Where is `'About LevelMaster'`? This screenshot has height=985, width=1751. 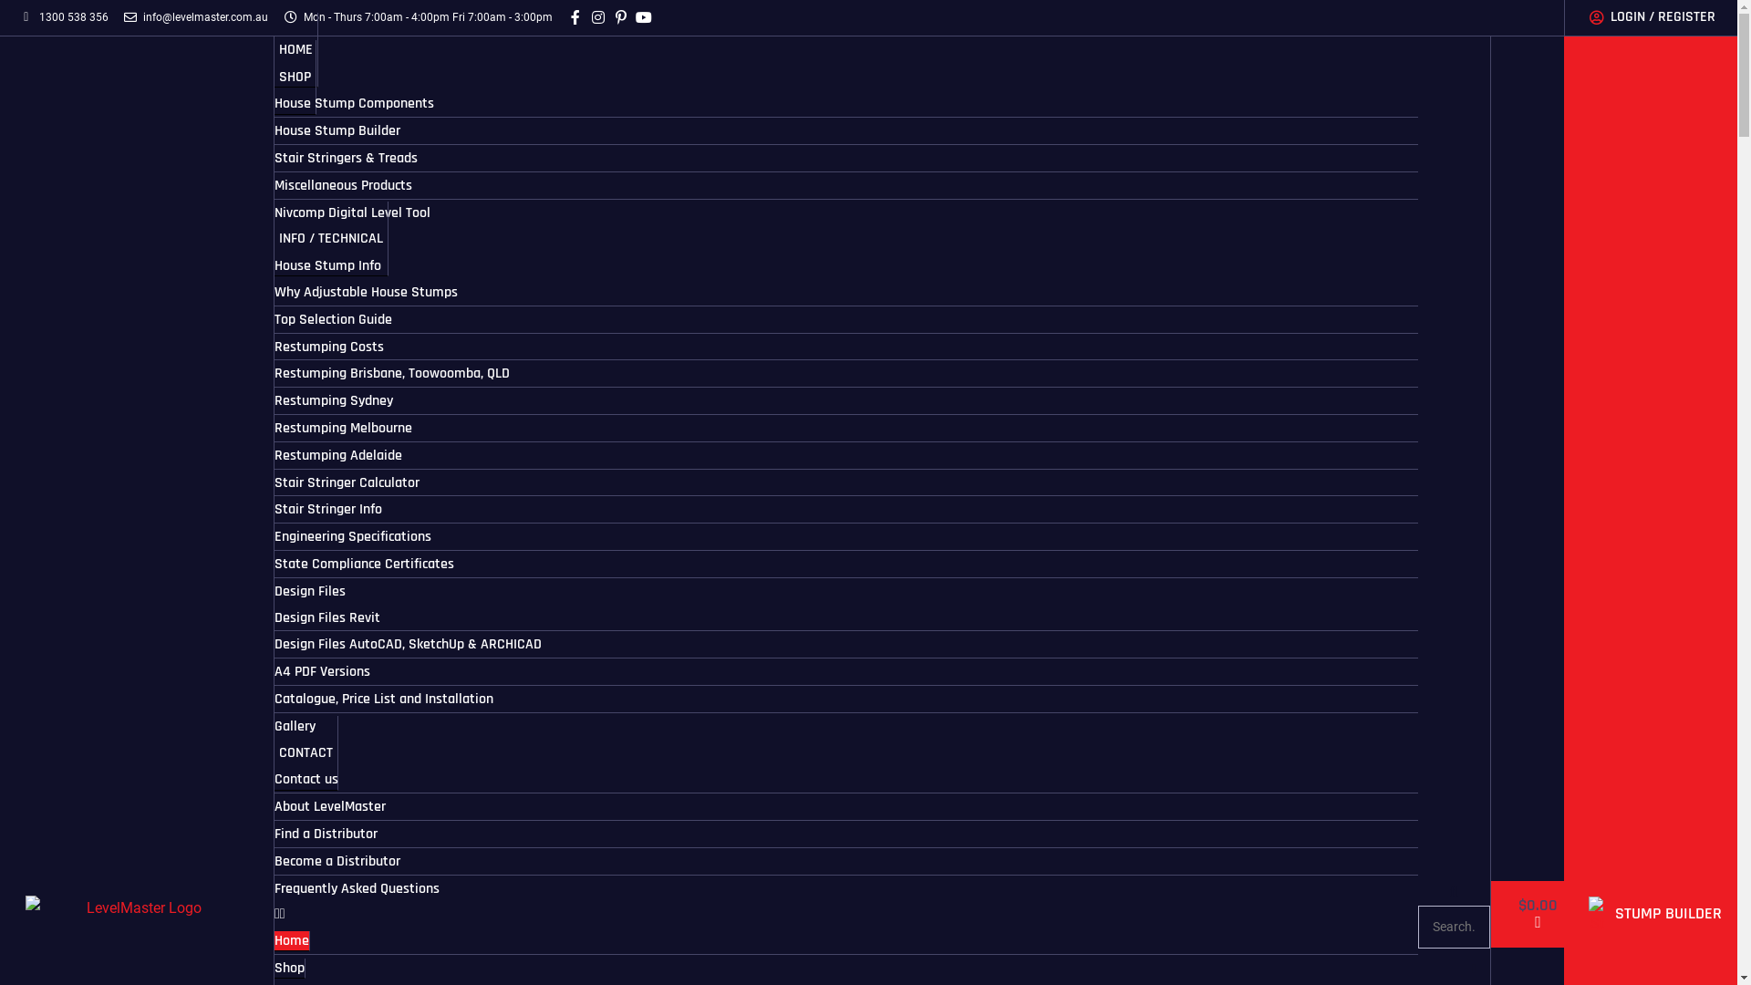
'About LevelMaster' is located at coordinates (329, 805).